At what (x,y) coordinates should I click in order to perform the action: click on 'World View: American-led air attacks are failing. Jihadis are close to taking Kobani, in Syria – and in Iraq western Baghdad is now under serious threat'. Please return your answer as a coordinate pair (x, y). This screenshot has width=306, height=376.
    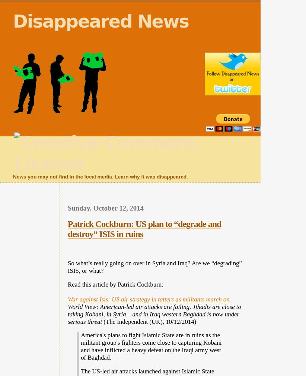
    Looking at the image, I should click on (154, 314).